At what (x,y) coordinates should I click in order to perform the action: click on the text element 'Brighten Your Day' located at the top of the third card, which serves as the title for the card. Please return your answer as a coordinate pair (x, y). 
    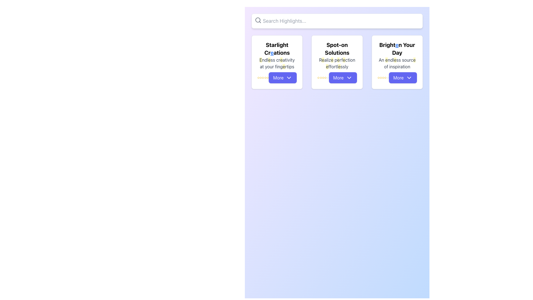
    Looking at the image, I should click on (397, 49).